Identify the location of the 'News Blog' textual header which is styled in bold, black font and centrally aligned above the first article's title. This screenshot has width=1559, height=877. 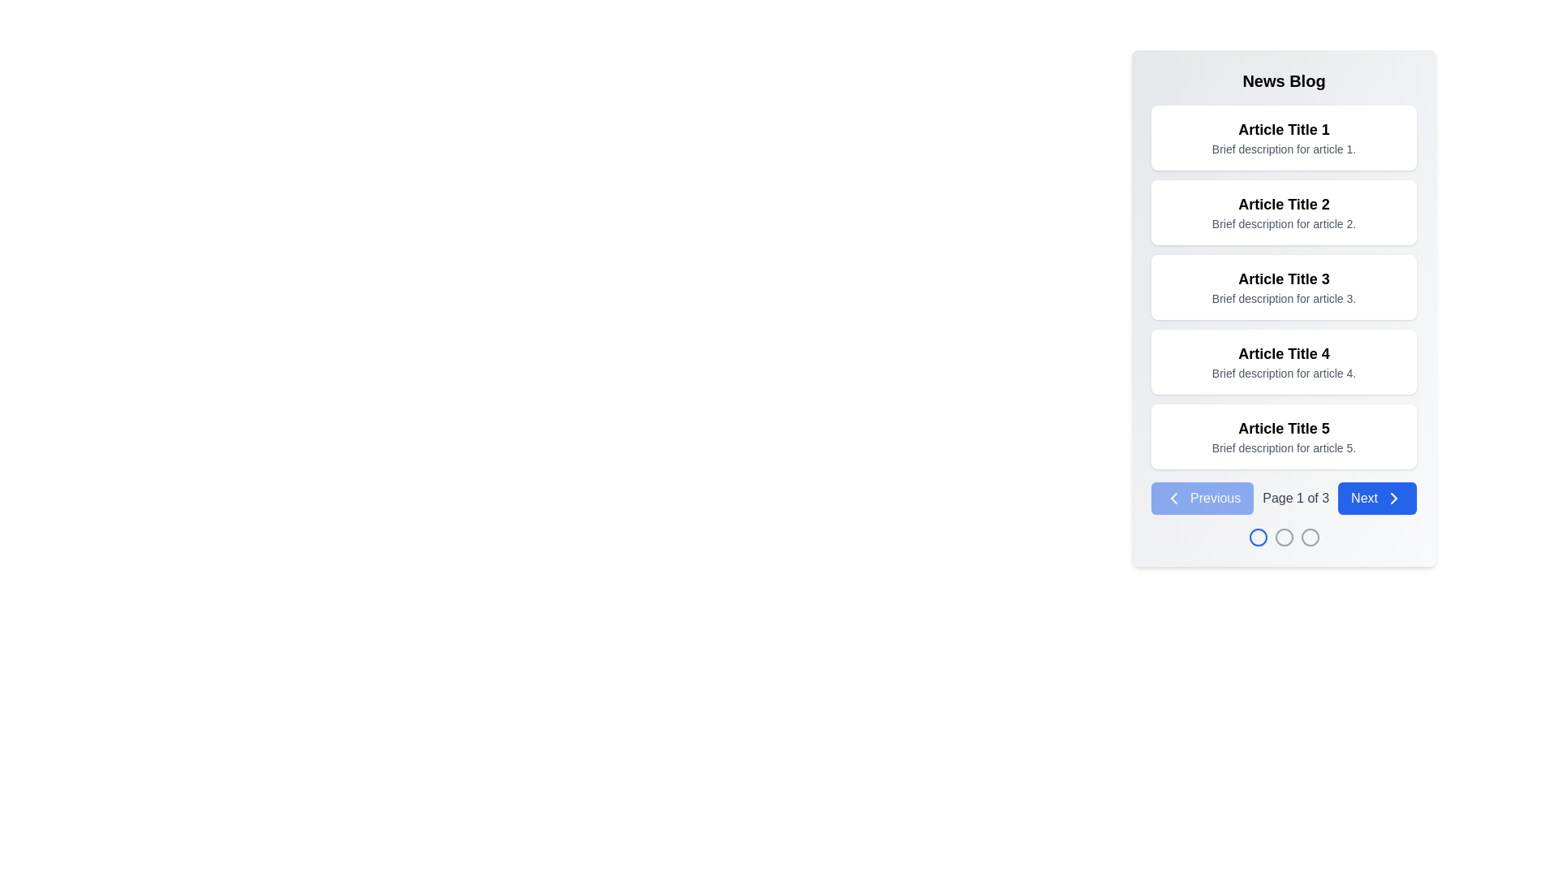
(1283, 81).